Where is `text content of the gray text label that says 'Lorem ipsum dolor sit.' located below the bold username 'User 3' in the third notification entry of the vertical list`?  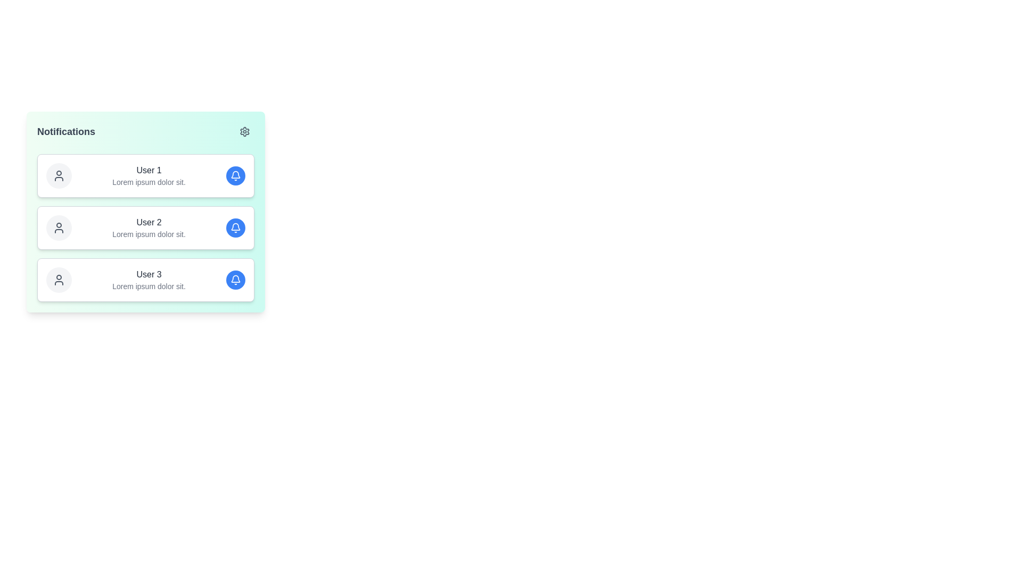 text content of the gray text label that says 'Lorem ipsum dolor sit.' located below the bold username 'User 3' in the third notification entry of the vertical list is located at coordinates (148, 286).